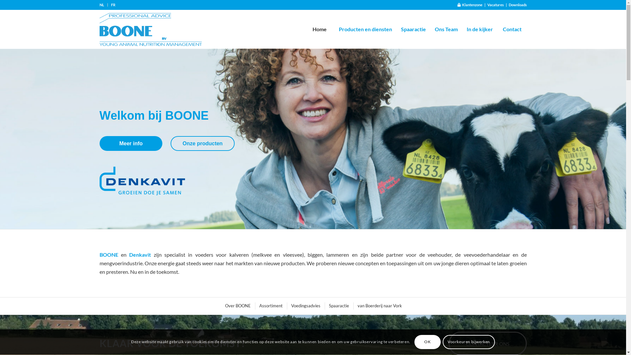 The width and height of the screenshot is (631, 355). What do you see at coordinates (111, 5) in the screenshot?
I see `'FR'` at bounding box center [111, 5].